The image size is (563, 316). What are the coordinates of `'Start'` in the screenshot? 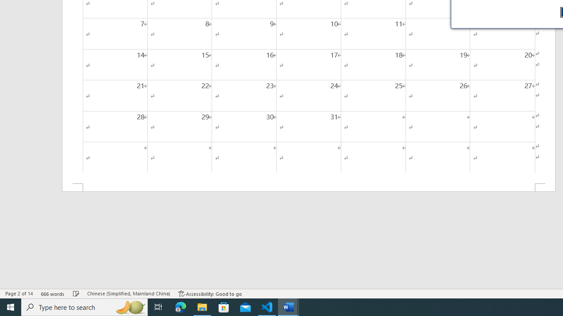 It's located at (11, 306).